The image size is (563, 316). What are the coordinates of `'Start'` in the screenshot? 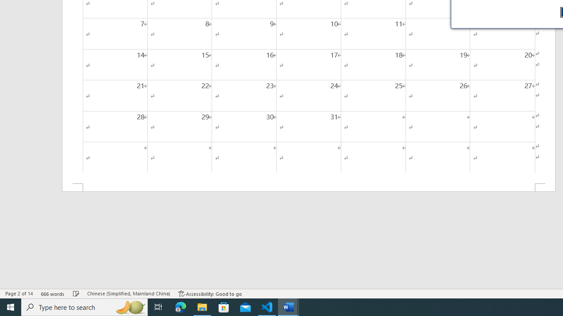 It's located at (11, 306).